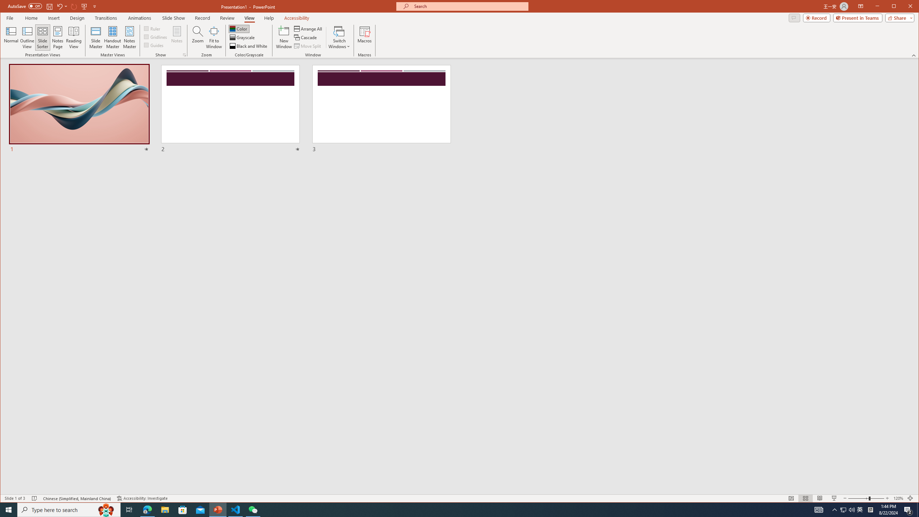 The width and height of the screenshot is (919, 517). What do you see at coordinates (155, 37) in the screenshot?
I see `'Gridlines'` at bounding box center [155, 37].